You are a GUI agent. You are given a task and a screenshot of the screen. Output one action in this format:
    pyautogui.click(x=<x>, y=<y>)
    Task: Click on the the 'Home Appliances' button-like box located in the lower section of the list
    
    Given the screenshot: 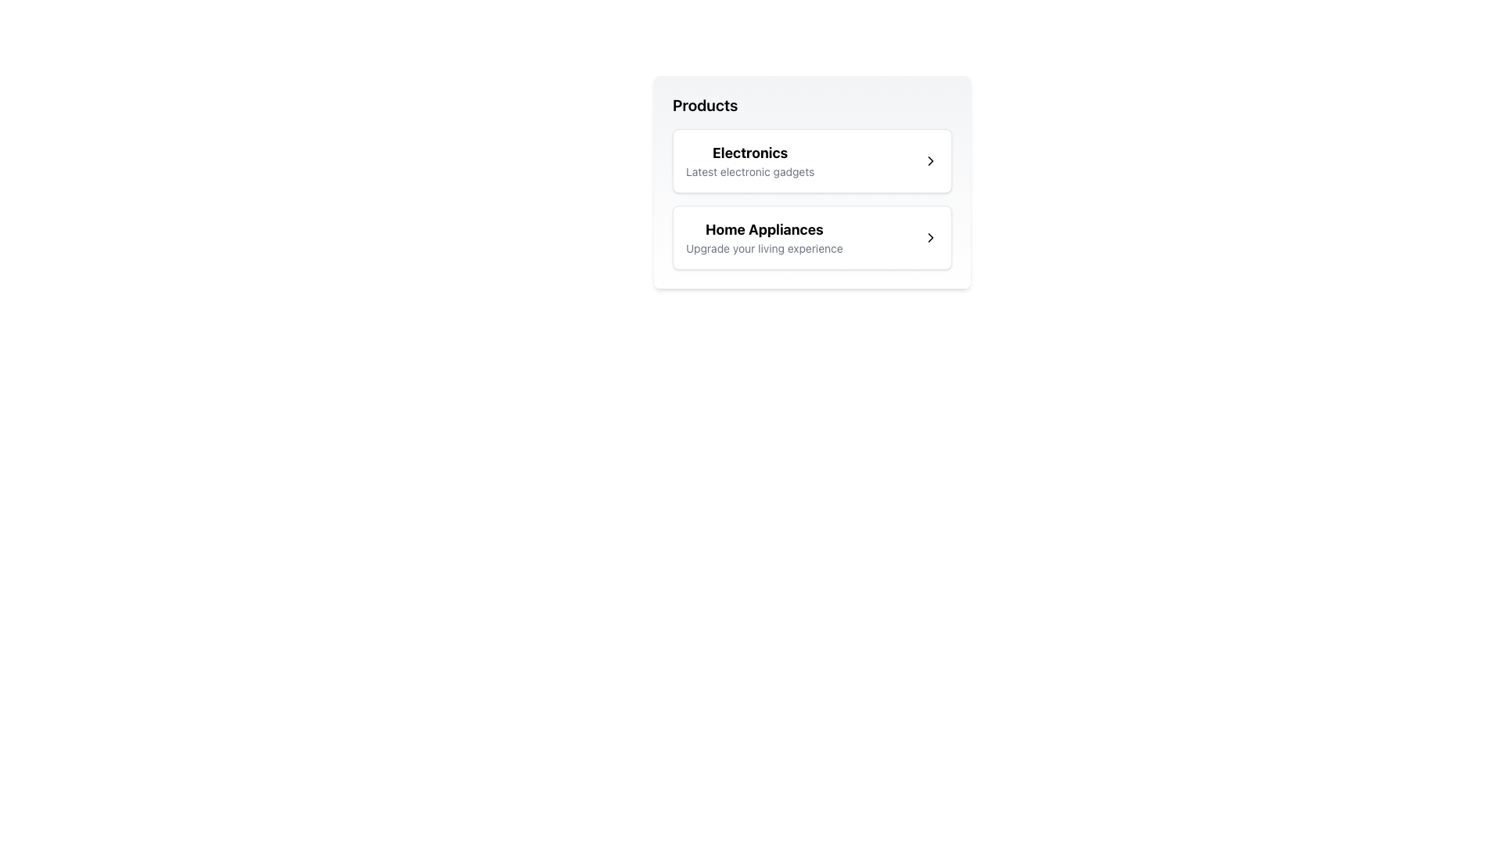 What is the action you would take?
    pyautogui.click(x=812, y=238)
    